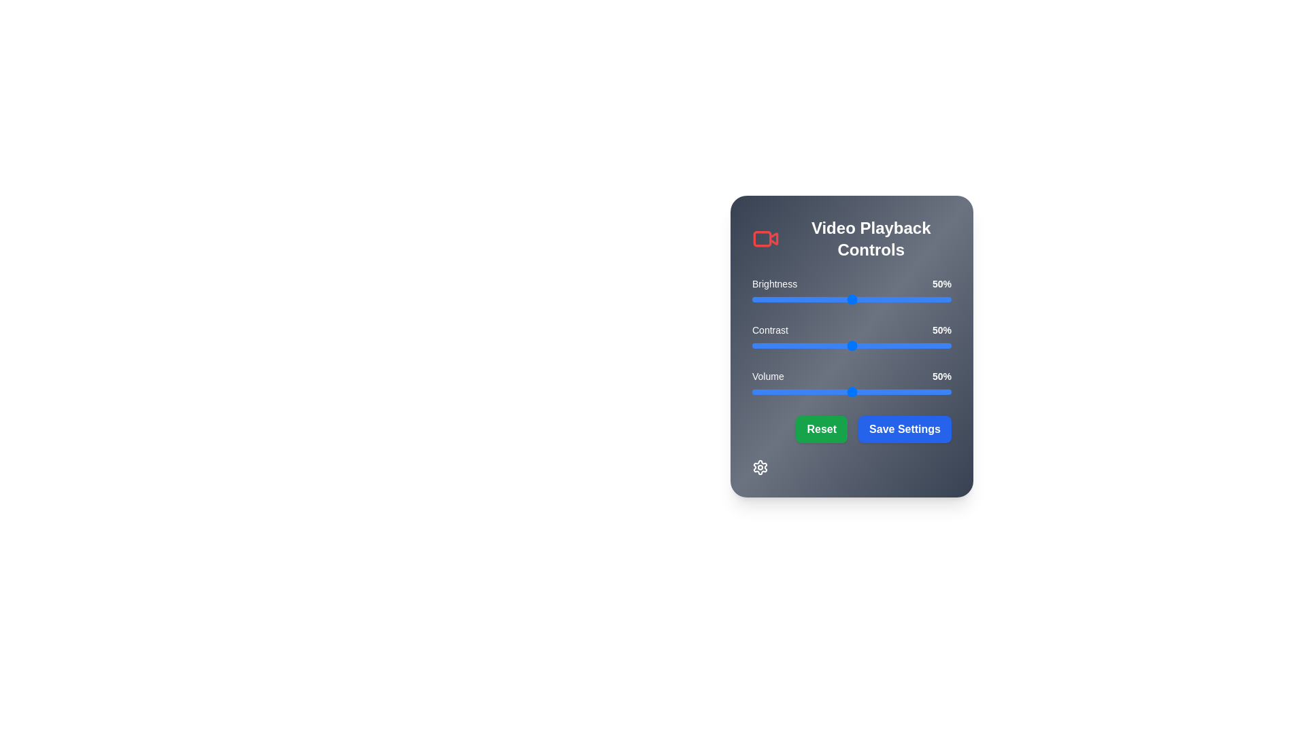  I want to click on the 'Reset' button with a green background located in the button group at the bottom right of the 'Video Playback Controls' card, which is situated below the sliders for 'Brightness', 'Contrast', and 'Volume', so click(851, 430).